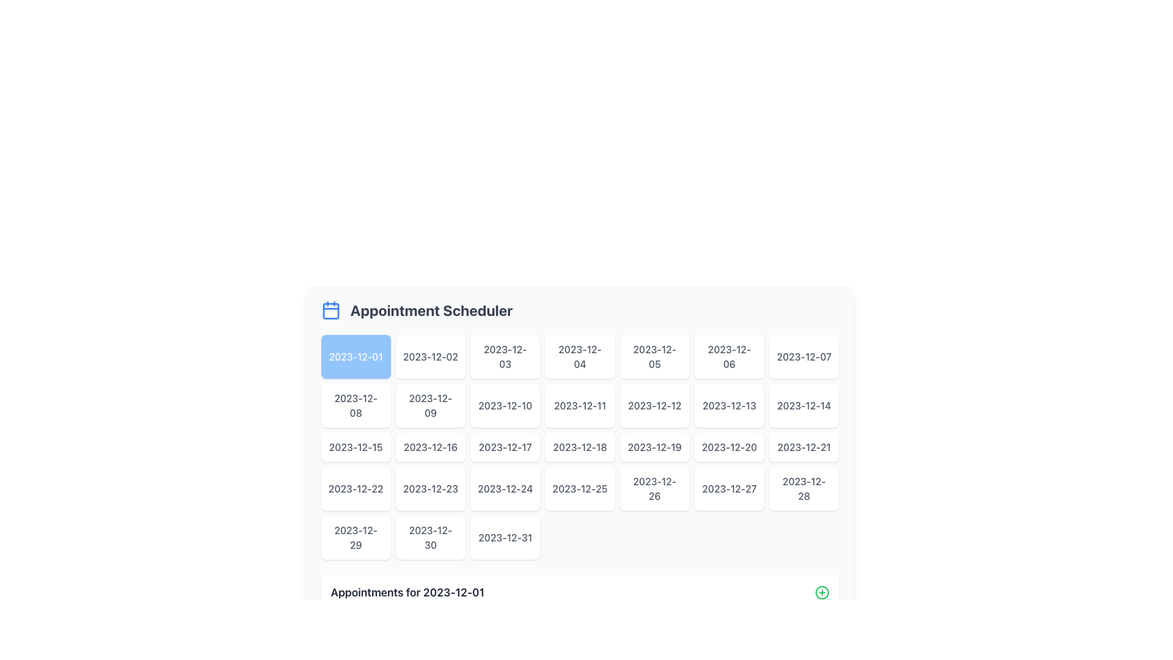 Image resolution: width=1173 pixels, height=660 pixels. I want to click on the date cell in the calendar grid, so click(579, 447).